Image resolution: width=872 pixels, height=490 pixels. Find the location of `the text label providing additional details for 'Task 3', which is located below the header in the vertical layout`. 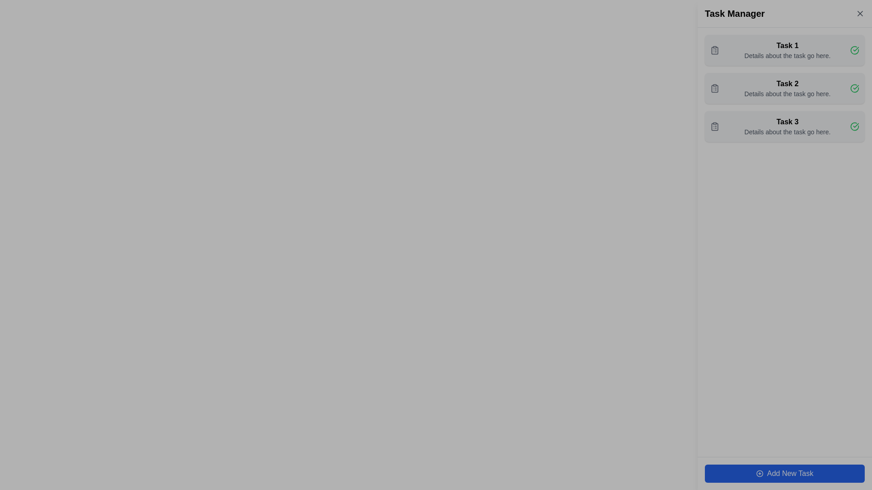

the text label providing additional details for 'Task 3', which is located below the header in the vertical layout is located at coordinates (787, 132).